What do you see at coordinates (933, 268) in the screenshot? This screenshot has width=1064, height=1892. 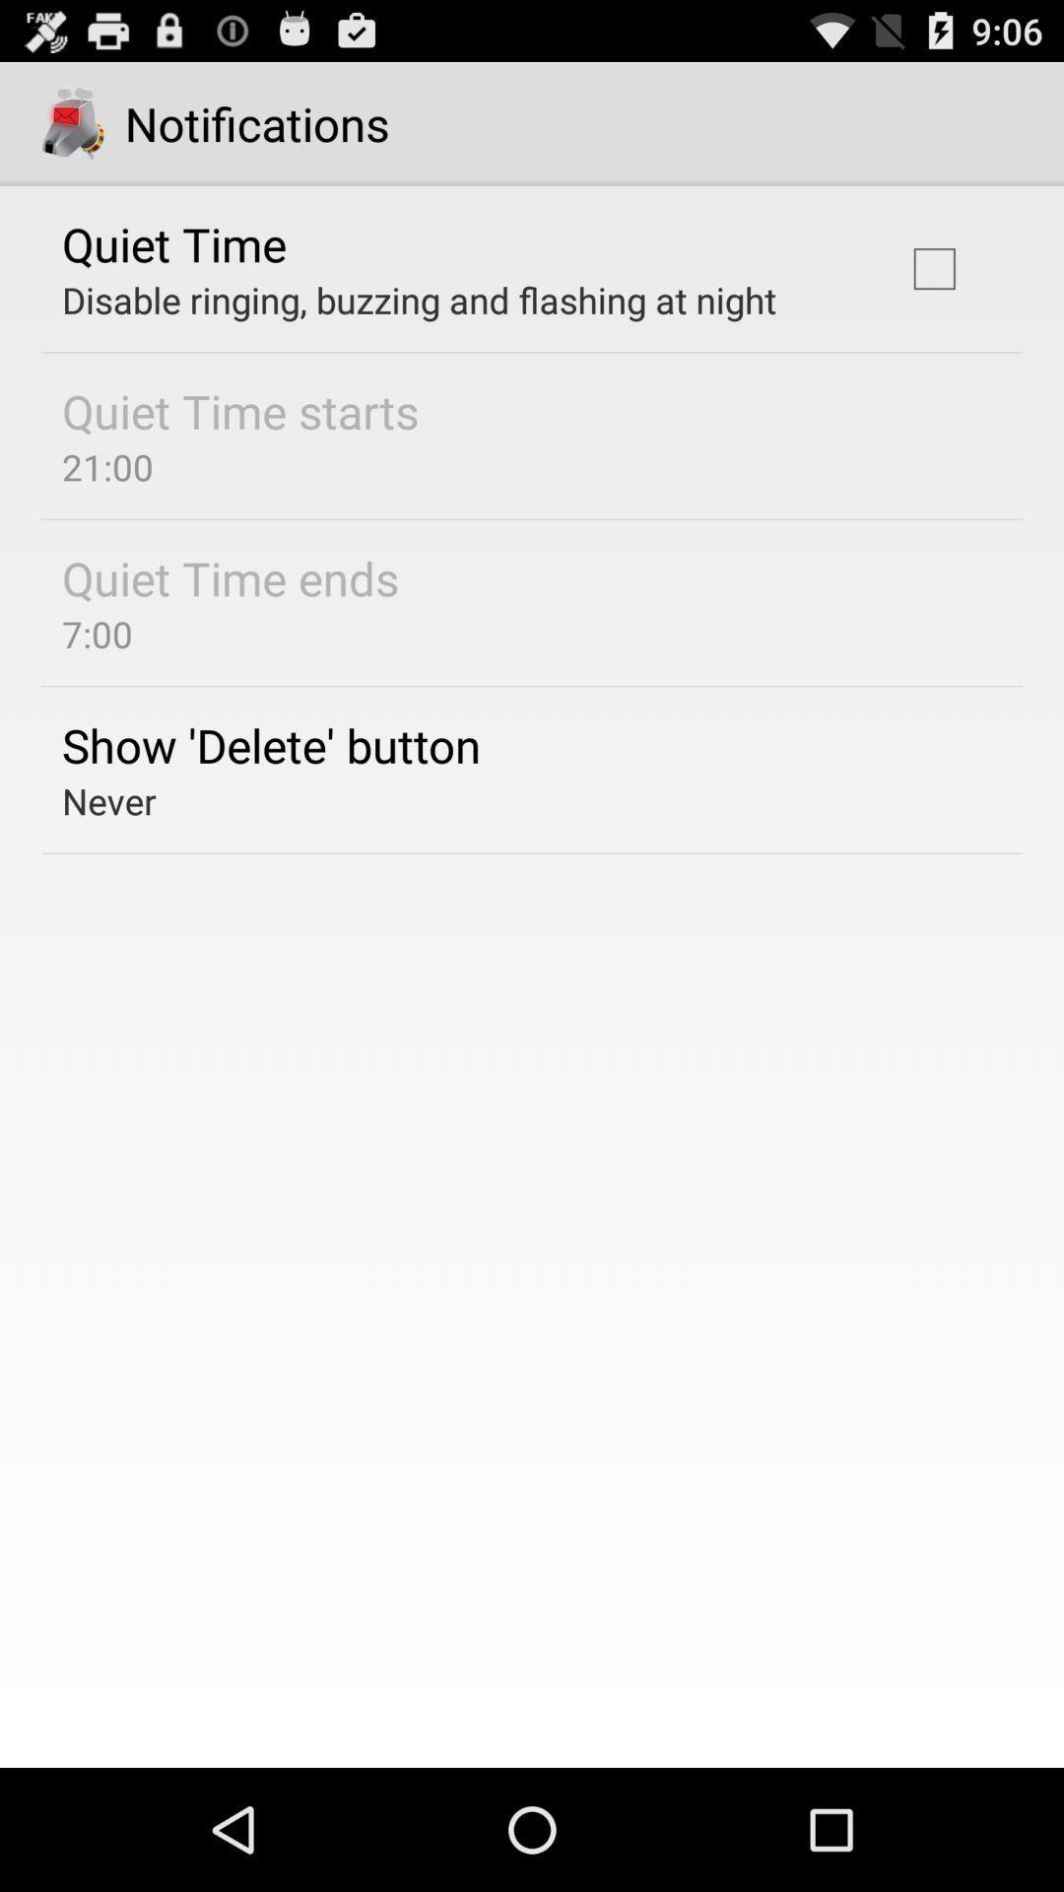 I see `the checkbox at the top right corner` at bounding box center [933, 268].